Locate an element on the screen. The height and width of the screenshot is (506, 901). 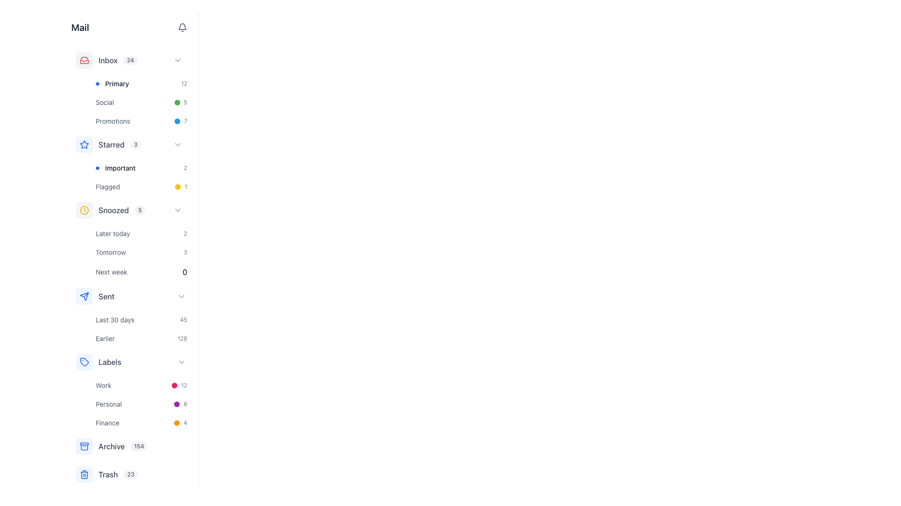
the 'Tomorrow' list item in the vertical menu is located at coordinates (141, 253).